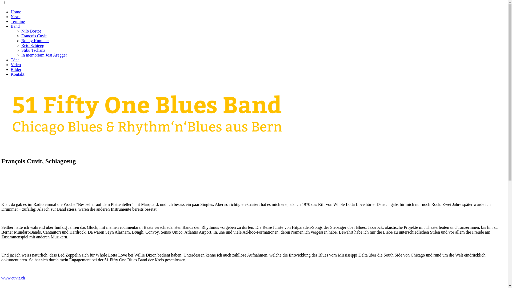 Image resolution: width=512 pixels, height=288 pixels. I want to click on 'Home', so click(10, 12).